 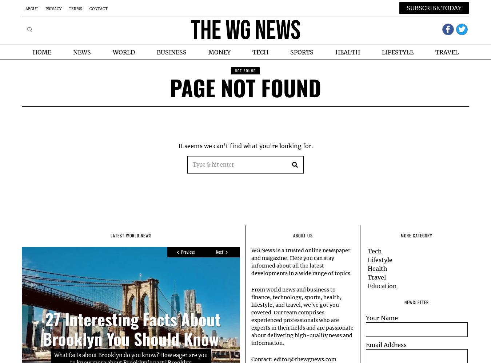 What do you see at coordinates (112, 52) in the screenshot?
I see `'World'` at bounding box center [112, 52].